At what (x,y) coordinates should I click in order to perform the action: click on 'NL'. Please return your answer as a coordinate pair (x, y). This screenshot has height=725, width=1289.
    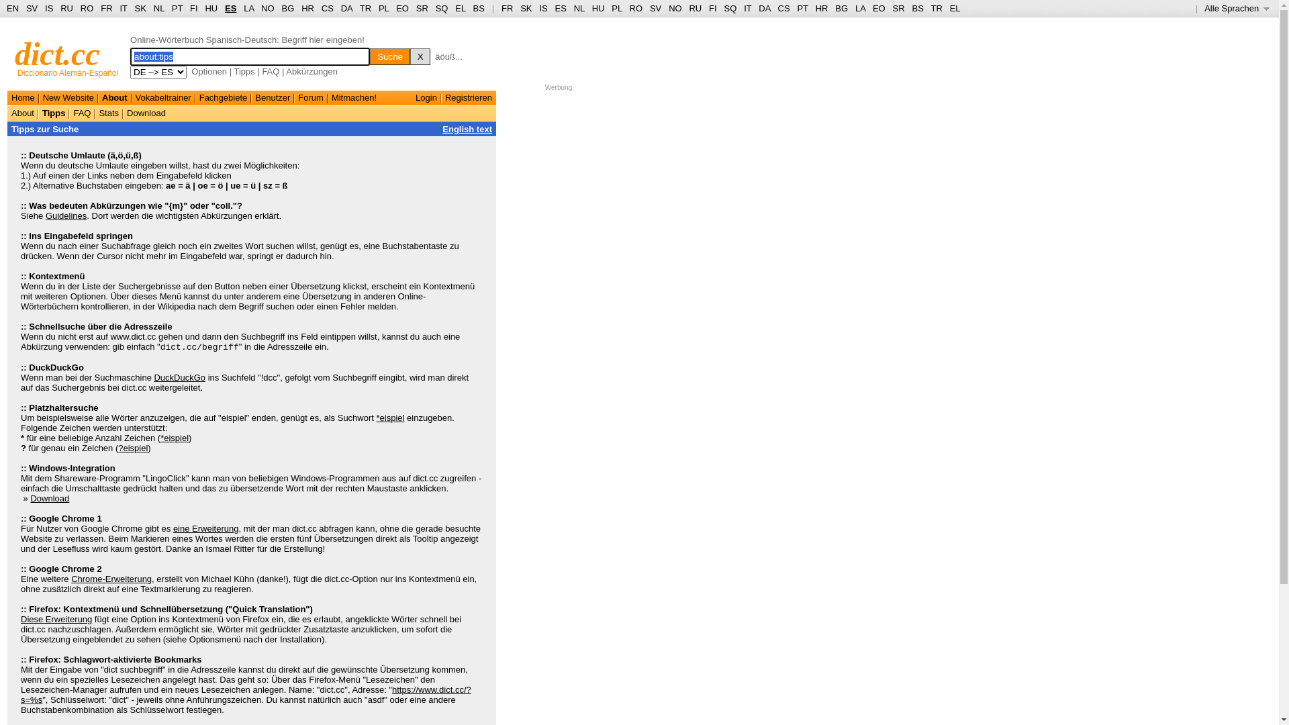
    Looking at the image, I should click on (158, 8).